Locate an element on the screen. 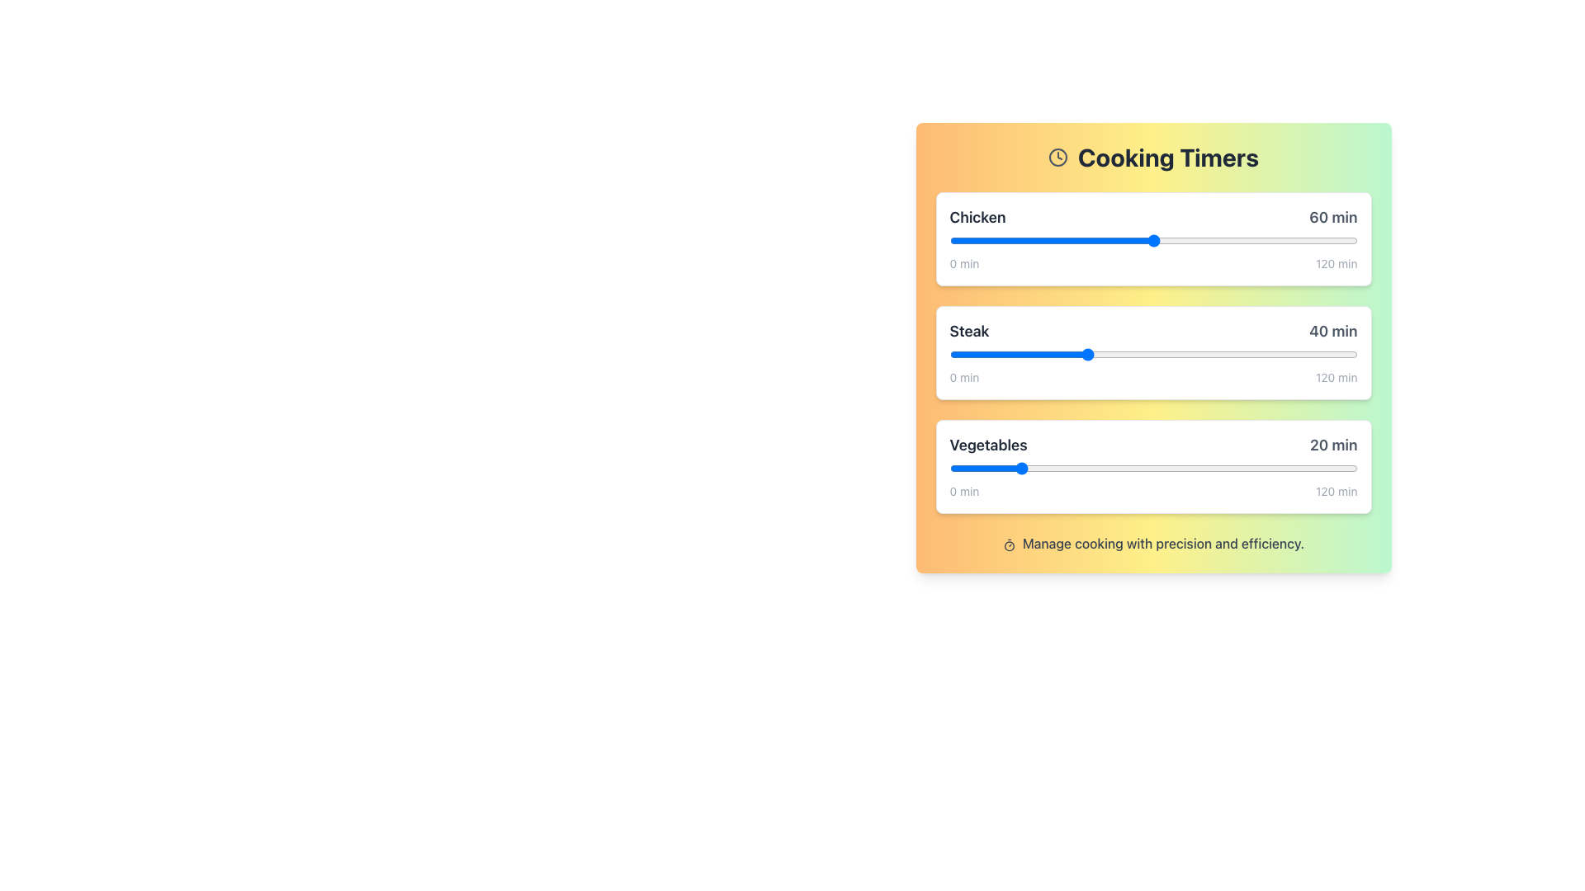  displayed value '0 min' from the static text label positioned beneath the 'Vegetables' slider in the timer card interface is located at coordinates (964, 491).